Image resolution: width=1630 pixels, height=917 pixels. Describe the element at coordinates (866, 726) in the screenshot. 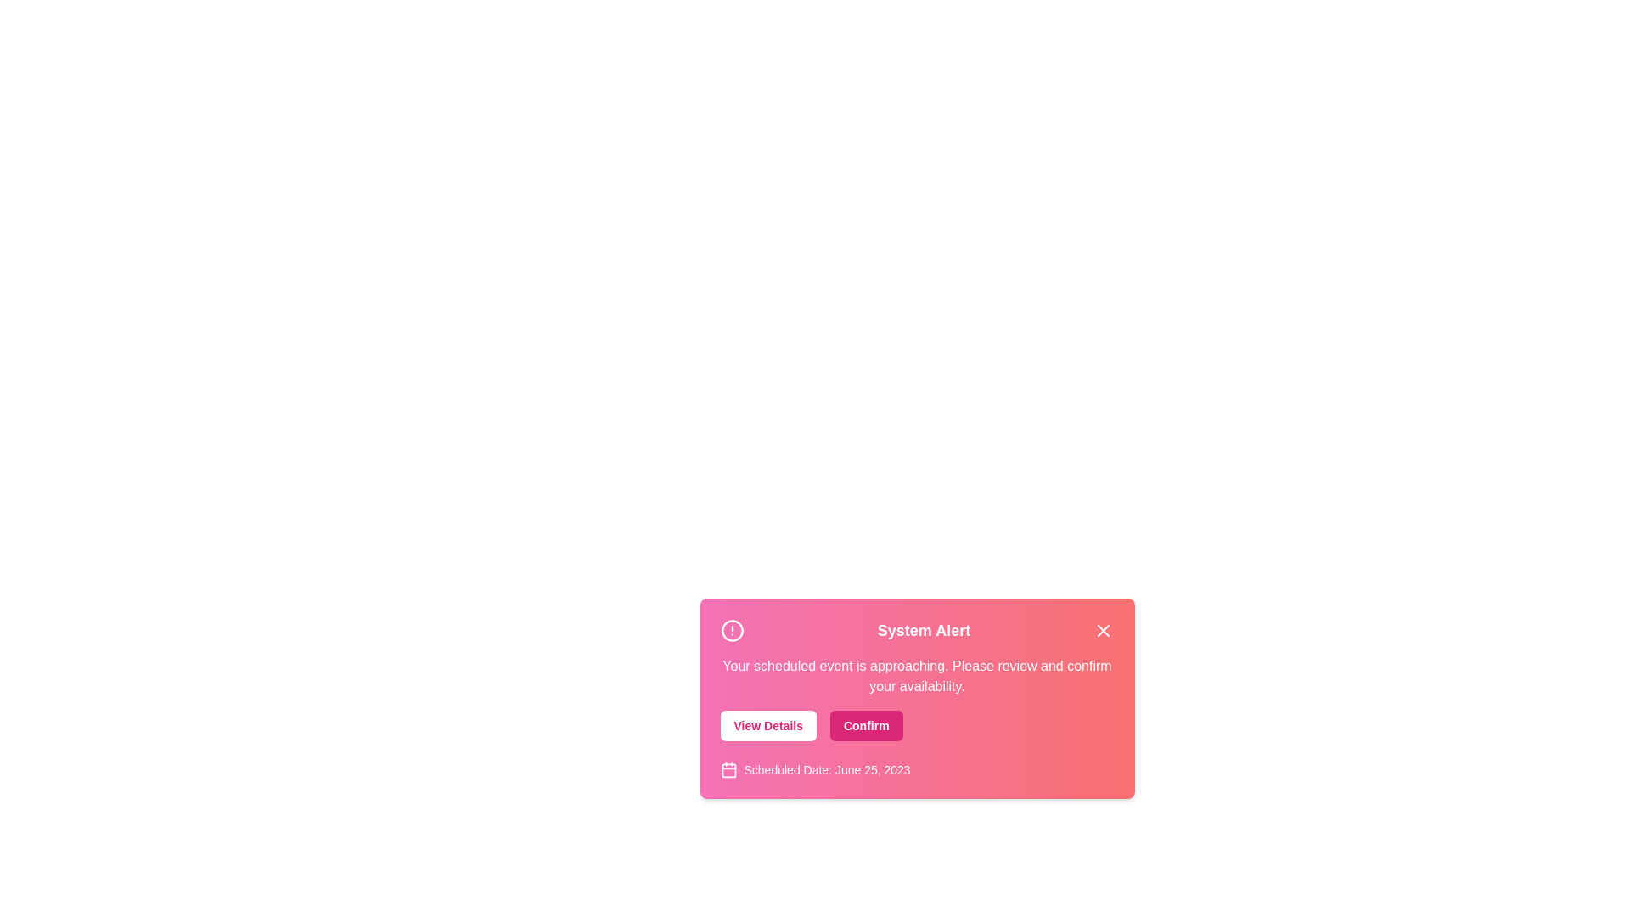

I see `the 'Confirm' button to confirm the alert` at that location.